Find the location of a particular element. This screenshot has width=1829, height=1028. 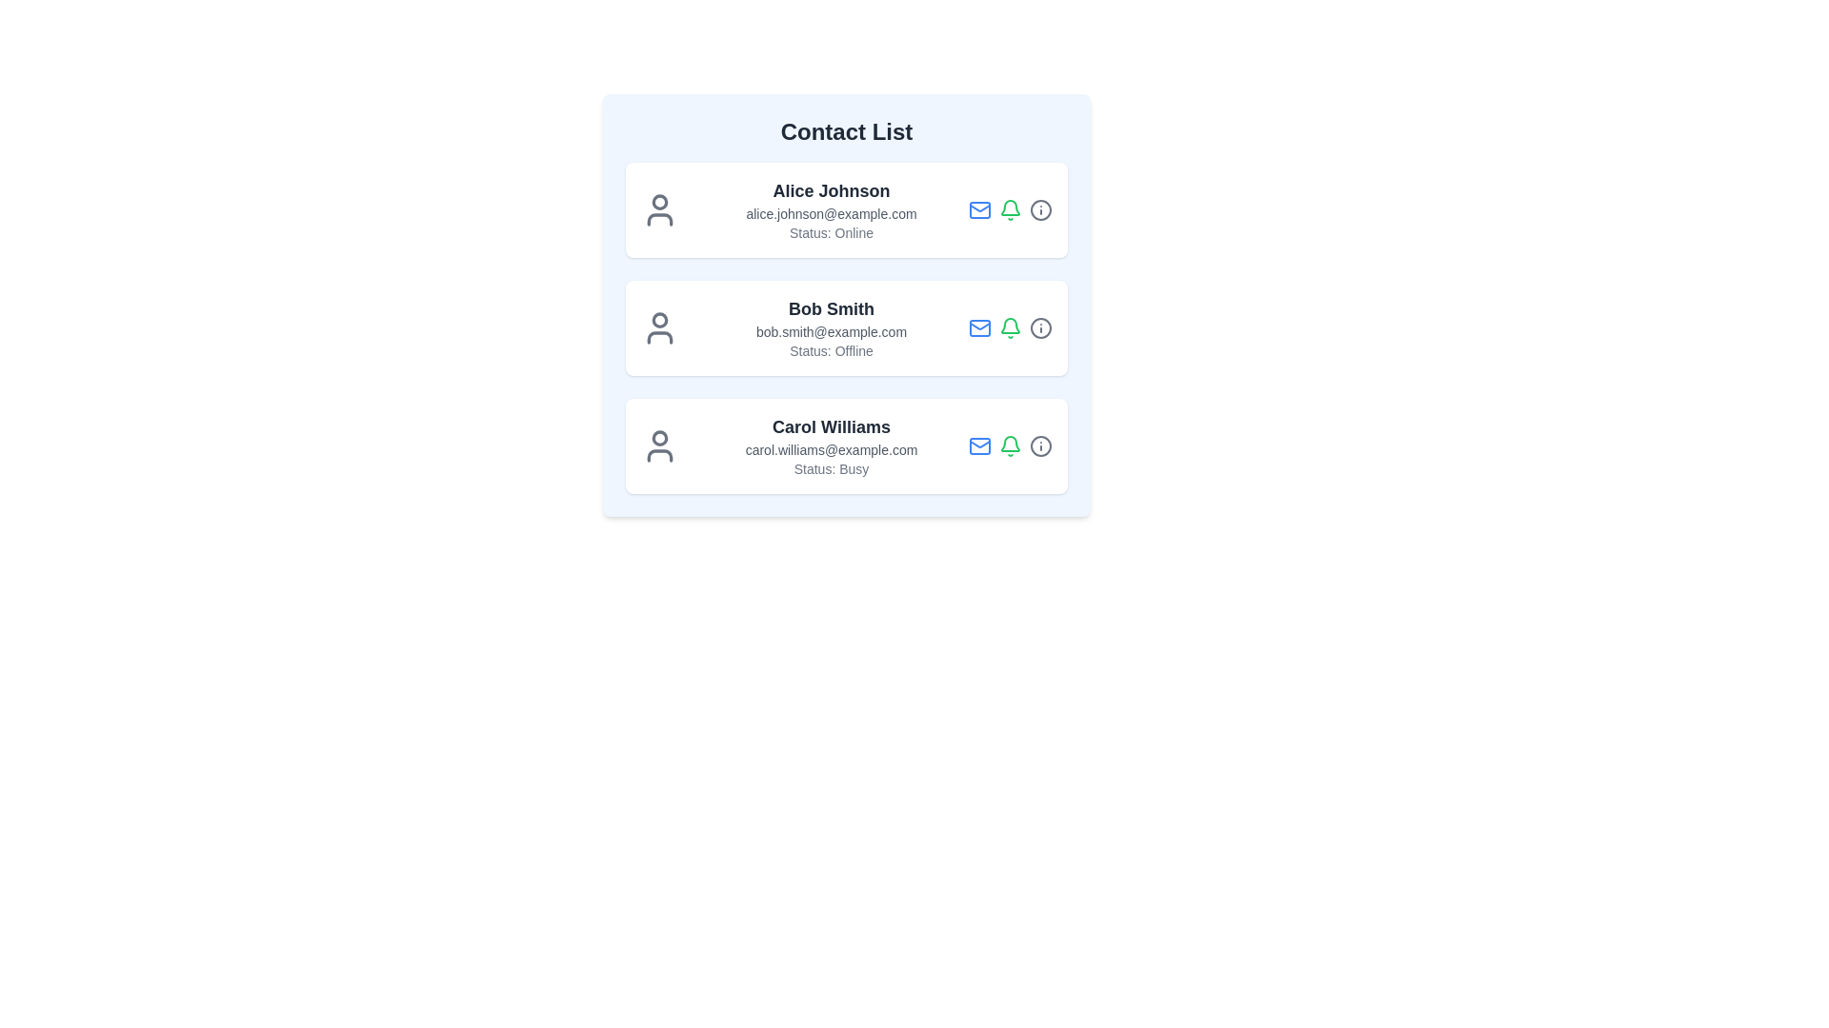

the Mail icon in the contact list is located at coordinates (979, 209).